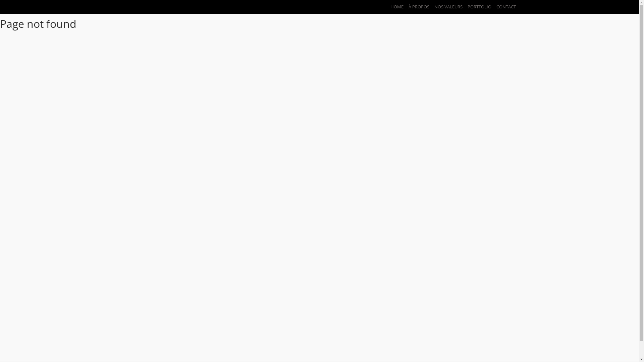  What do you see at coordinates (446, 6) in the screenshot?
I see `'NOS VALEURS'` at bounding box center [446, 6].